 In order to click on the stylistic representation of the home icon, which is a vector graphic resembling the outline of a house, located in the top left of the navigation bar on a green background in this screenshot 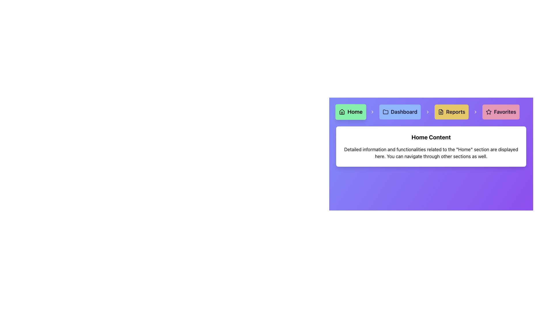, I will do `click(342, 112)`.